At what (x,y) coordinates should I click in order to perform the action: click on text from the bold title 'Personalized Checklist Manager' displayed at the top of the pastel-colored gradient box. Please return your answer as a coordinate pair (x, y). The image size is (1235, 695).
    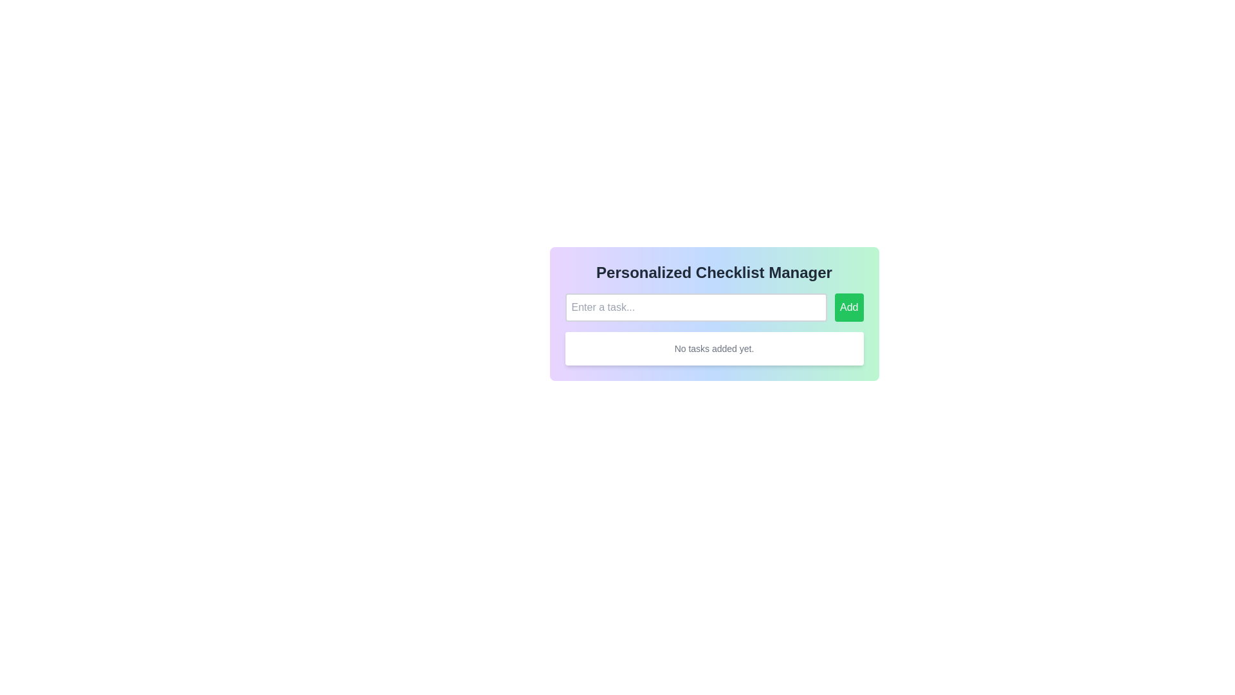
    Looking at the image, I should click on (713, 272).